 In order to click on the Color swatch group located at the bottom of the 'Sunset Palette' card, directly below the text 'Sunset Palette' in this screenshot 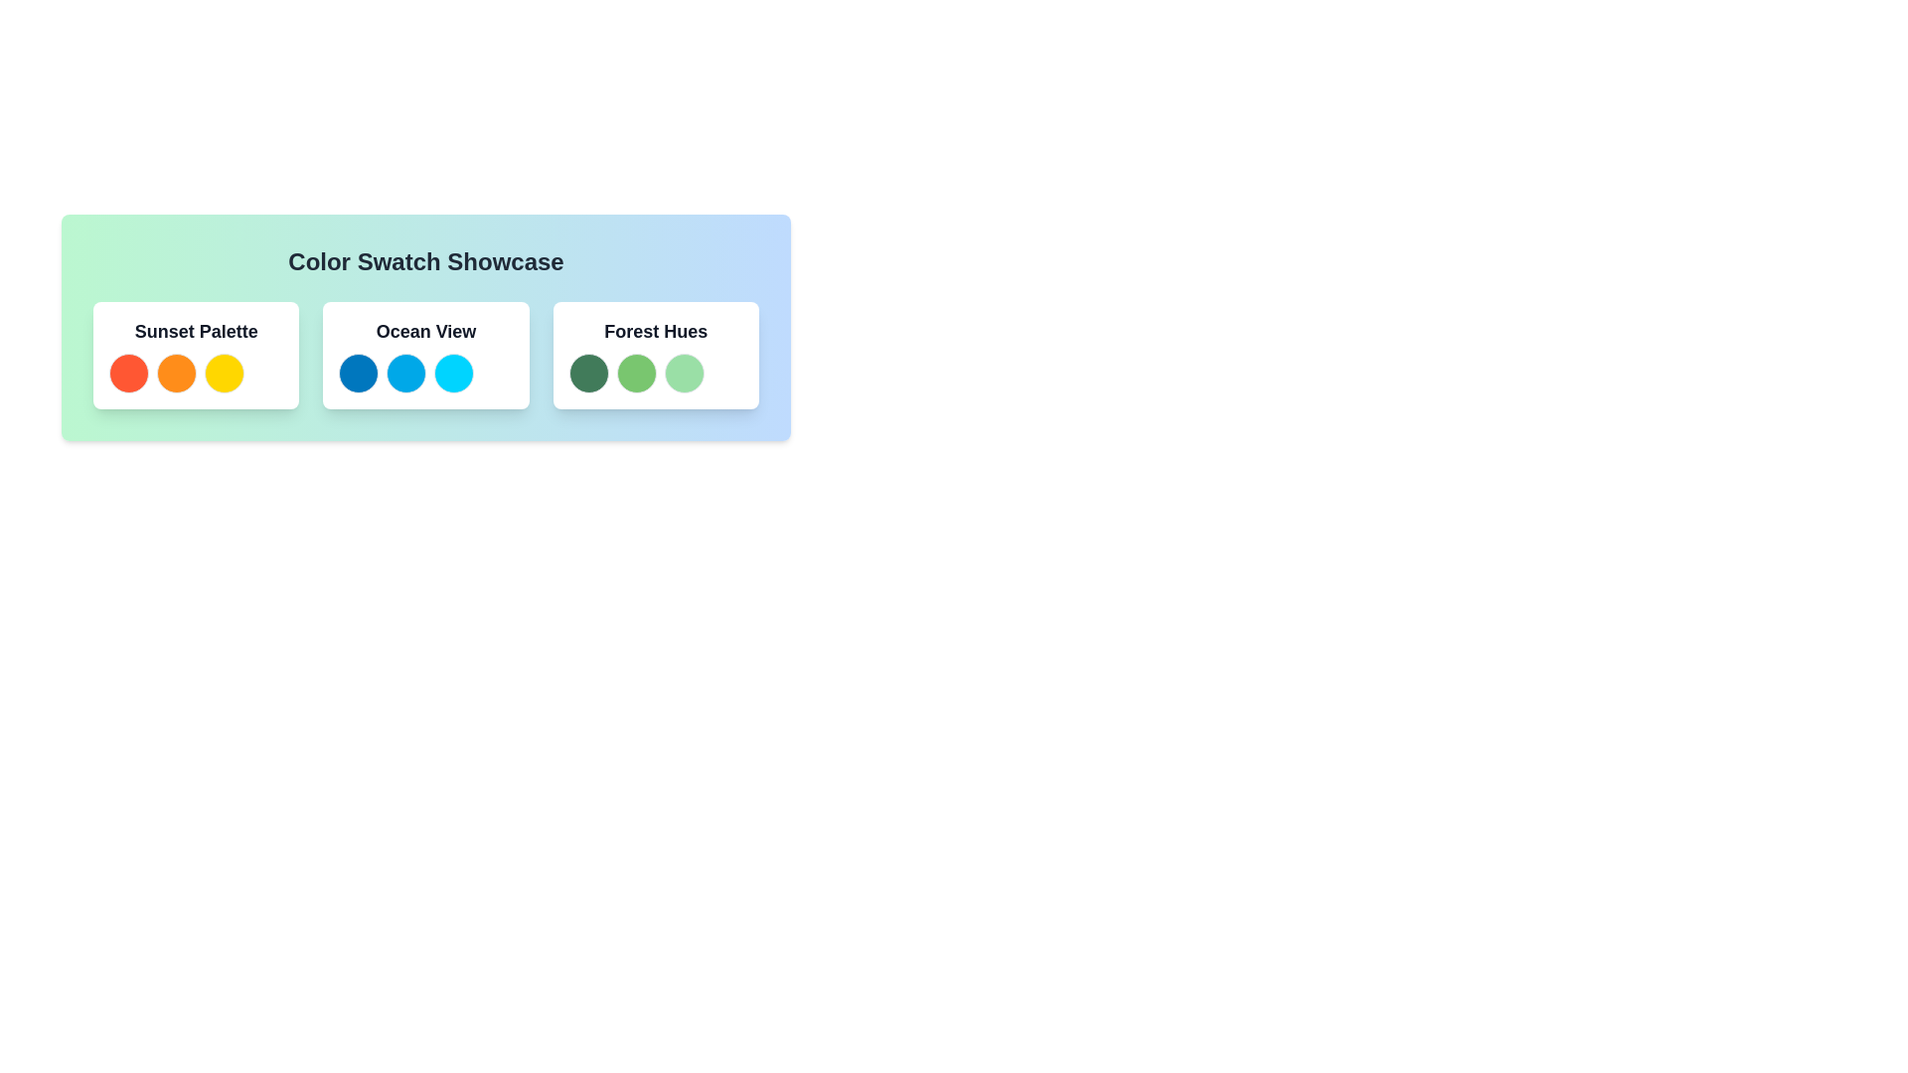, I will do `click(196, 373)`.